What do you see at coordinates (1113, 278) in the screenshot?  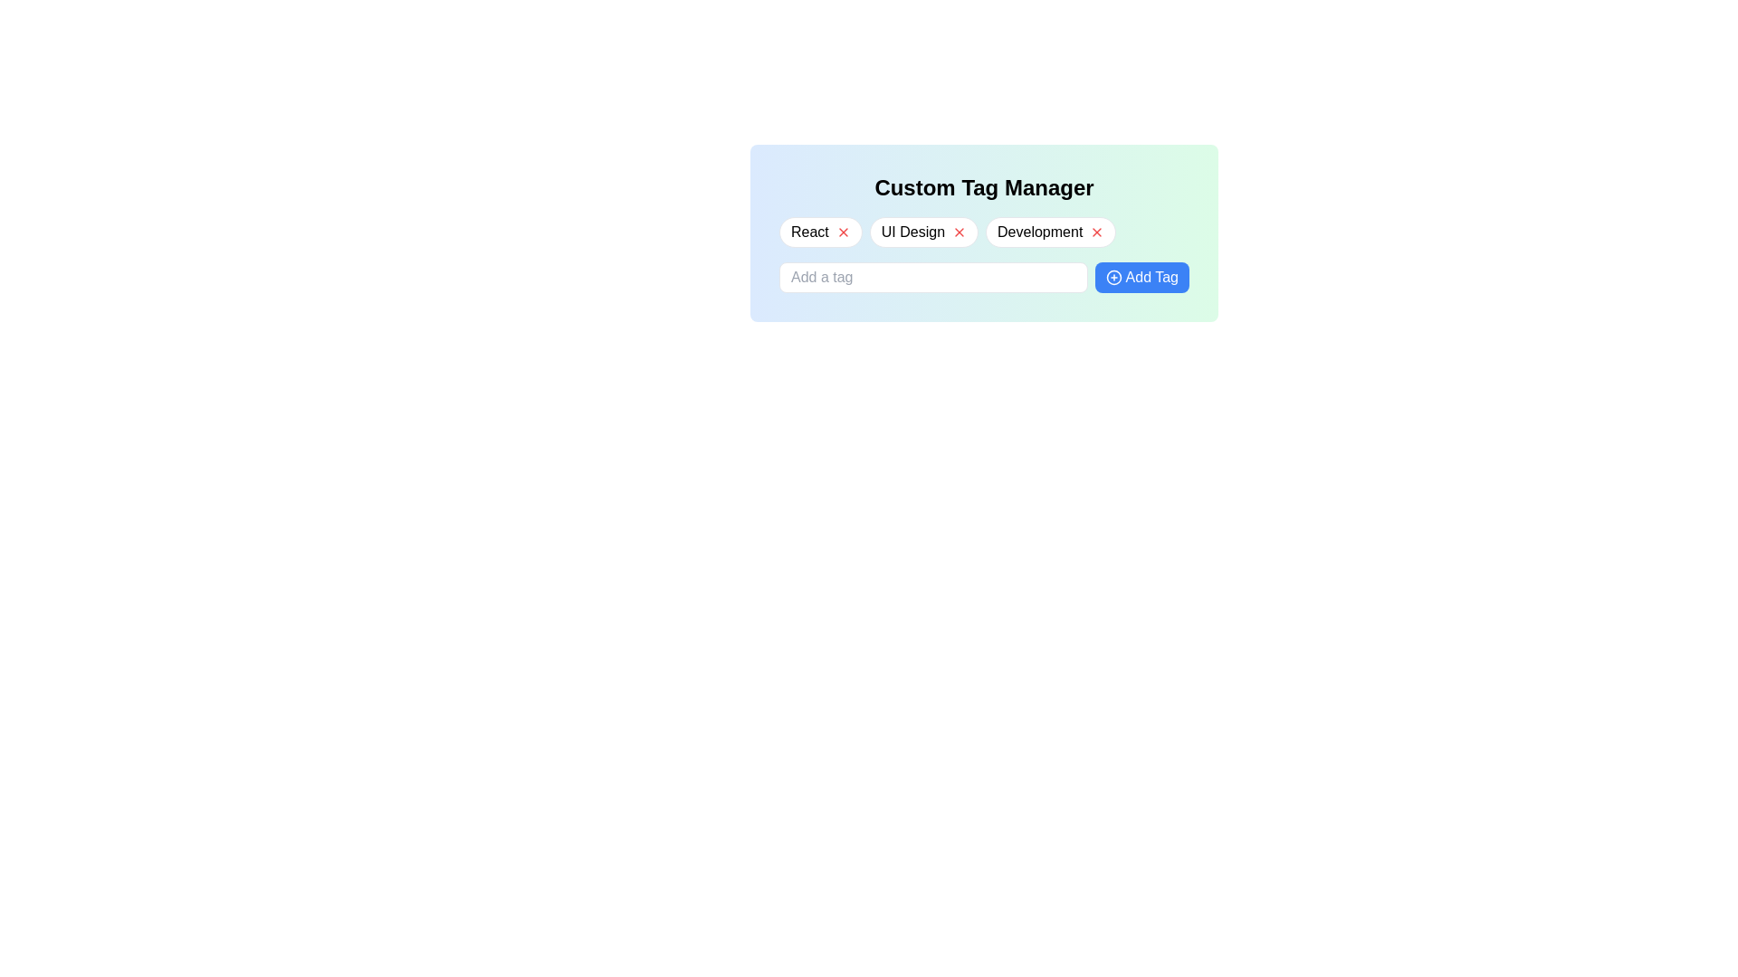 I see `the graphical decorative circle element that is part of the 'Add Tag' button located in the top-right section of the tag management interface` at bounding box center [1113, 278].